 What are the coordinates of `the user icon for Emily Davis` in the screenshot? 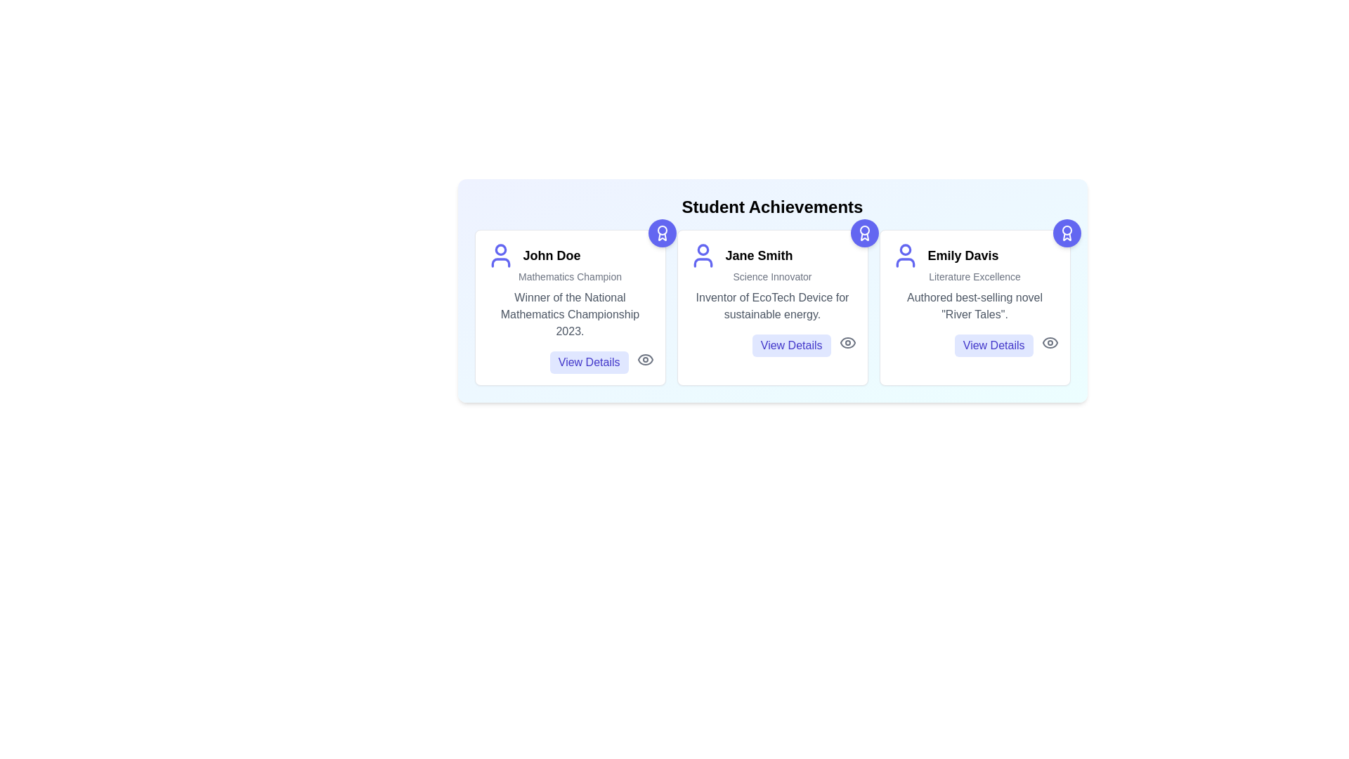 It's located at (905, 255).